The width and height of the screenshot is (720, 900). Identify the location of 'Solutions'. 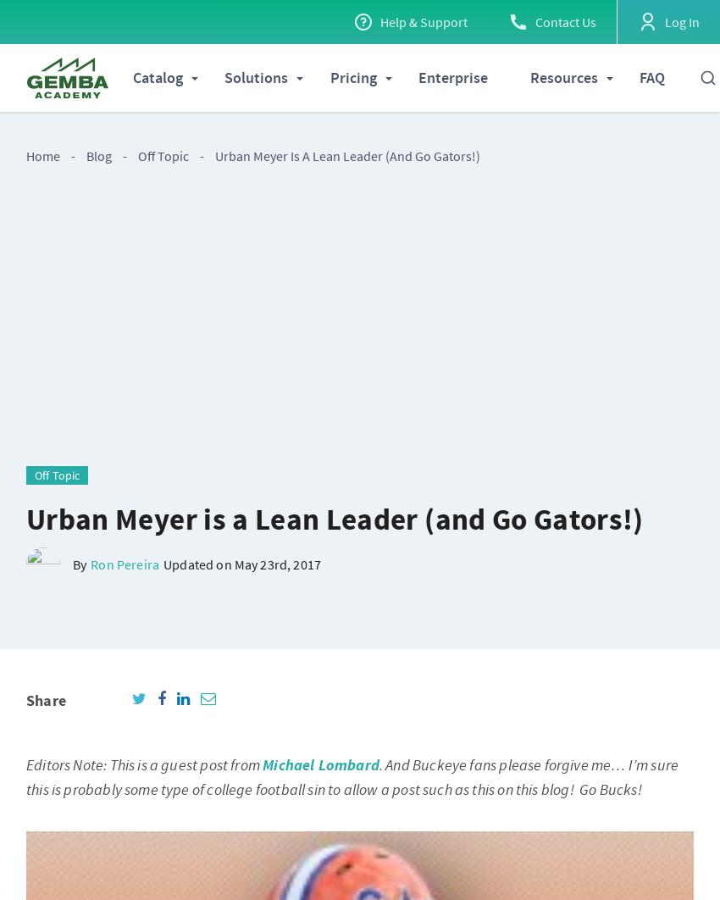
(256, 77).